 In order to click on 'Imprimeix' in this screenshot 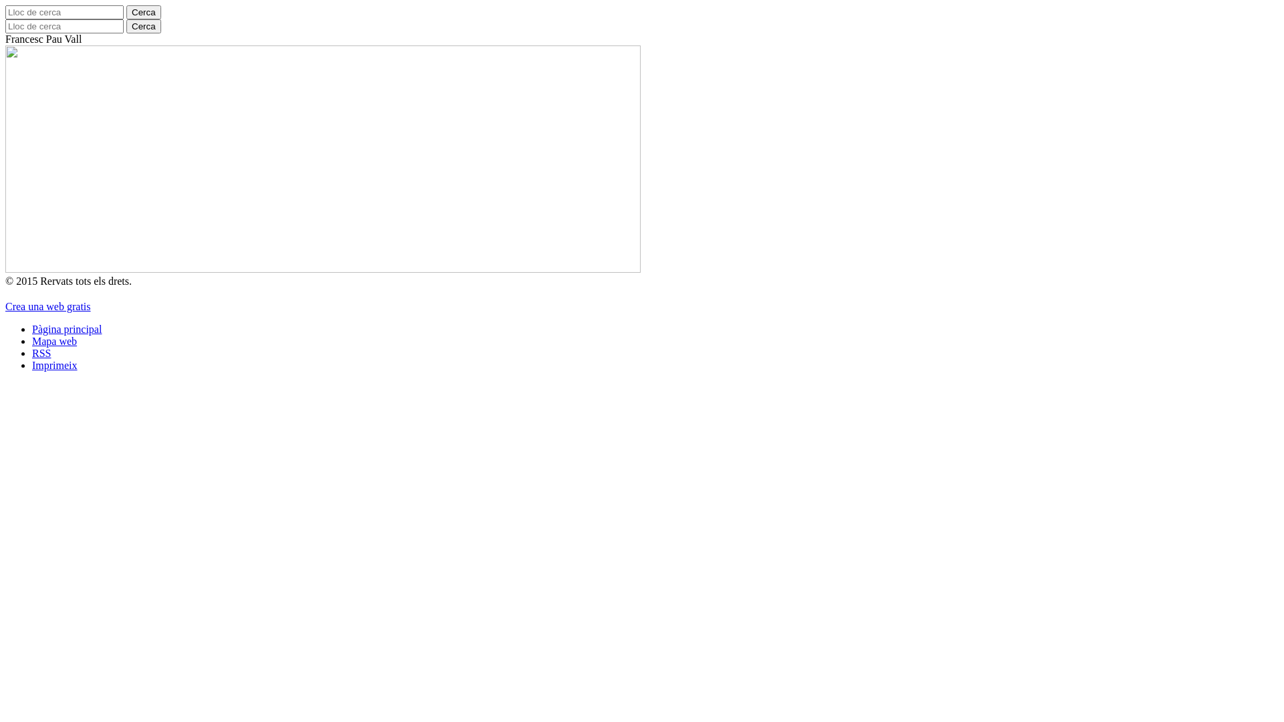, I will do `click(53, 365)`.